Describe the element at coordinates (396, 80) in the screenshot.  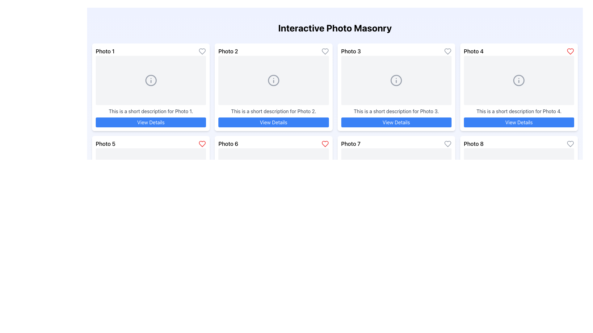
I see `the circular 'info' icon with a gray outline located at the top center of the 'Photo 3' section in the 'Interactive Photo Masonry' grid` at that location.